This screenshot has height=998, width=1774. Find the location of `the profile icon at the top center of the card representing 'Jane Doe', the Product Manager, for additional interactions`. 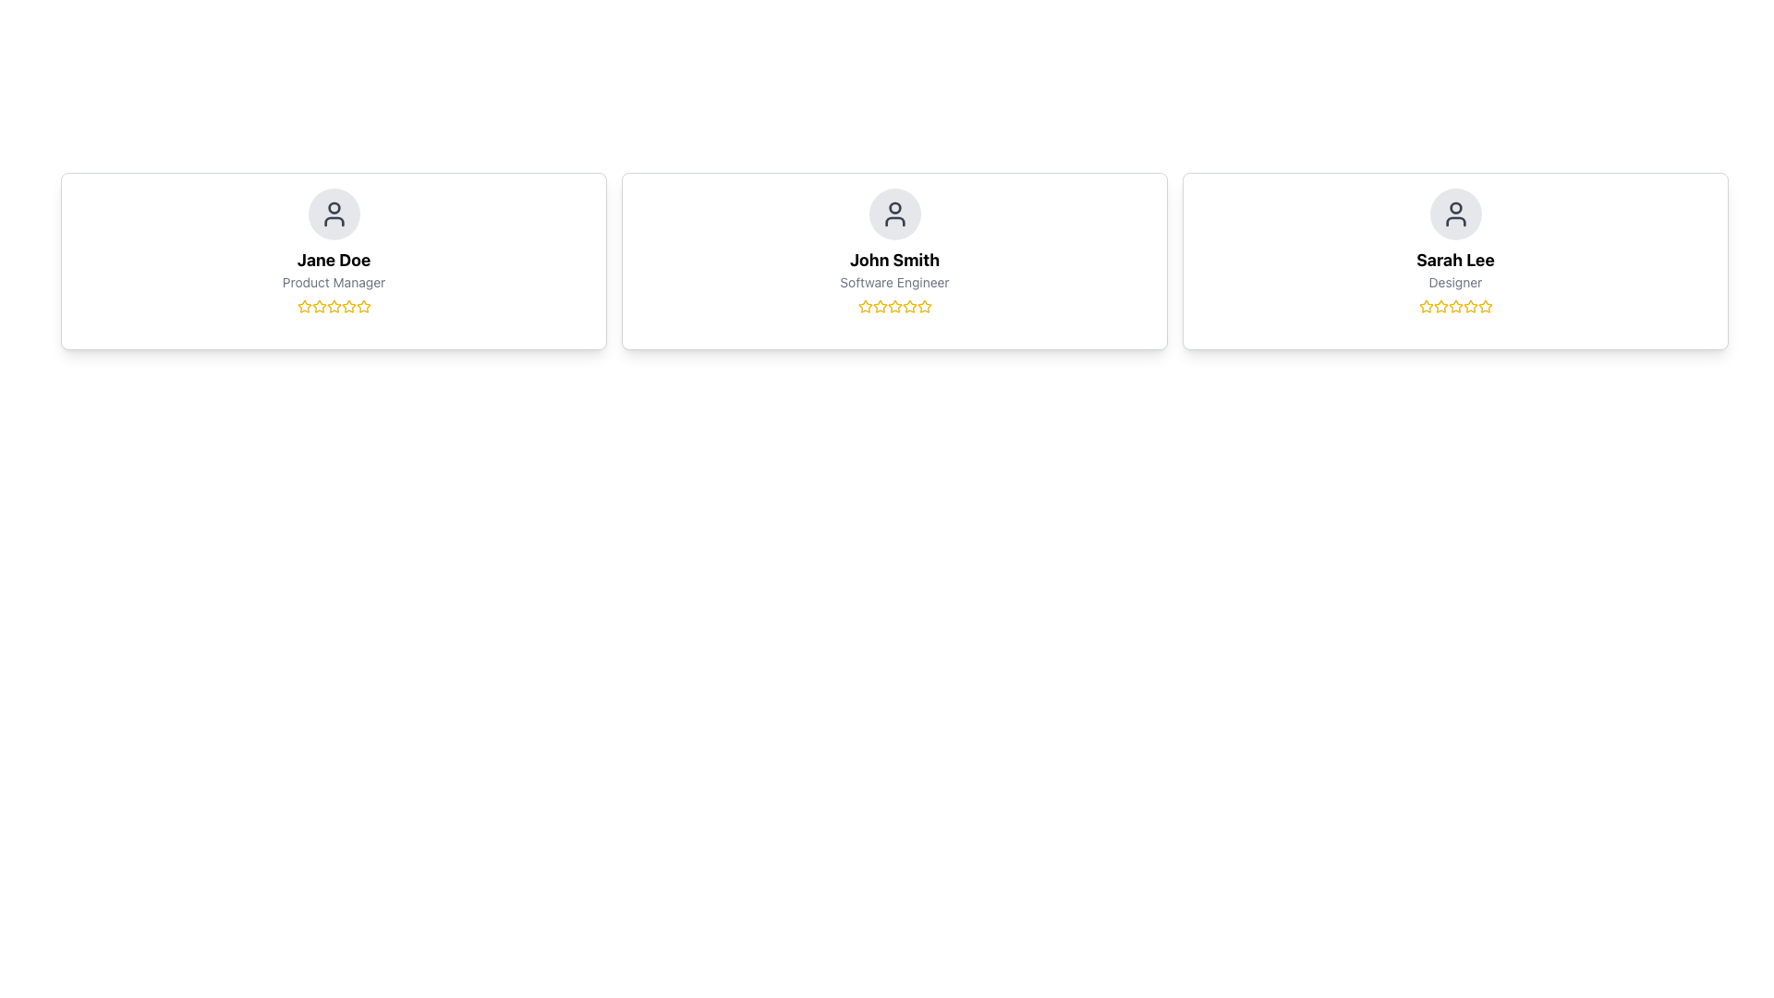

the profile icon at the top center of the card representing 'Jane Doe', the Product Manager, for additional interactions is located at coordinates (334, 213).